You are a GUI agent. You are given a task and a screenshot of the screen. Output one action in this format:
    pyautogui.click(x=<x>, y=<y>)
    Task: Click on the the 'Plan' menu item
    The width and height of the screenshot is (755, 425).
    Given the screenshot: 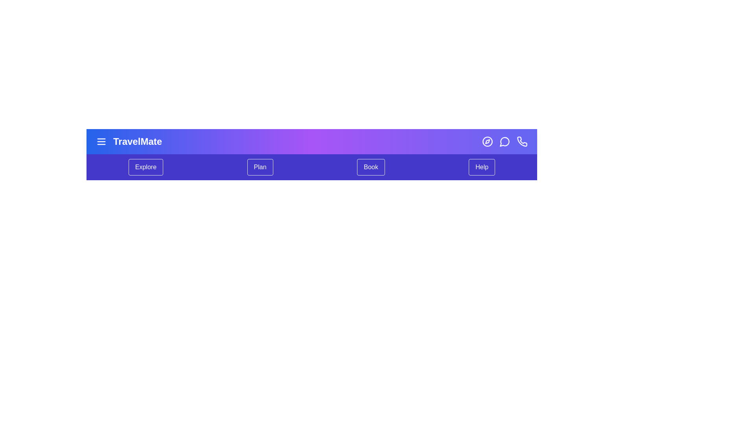 What is the action you would take?
    pyautogui.click(x=260, y=166)
    